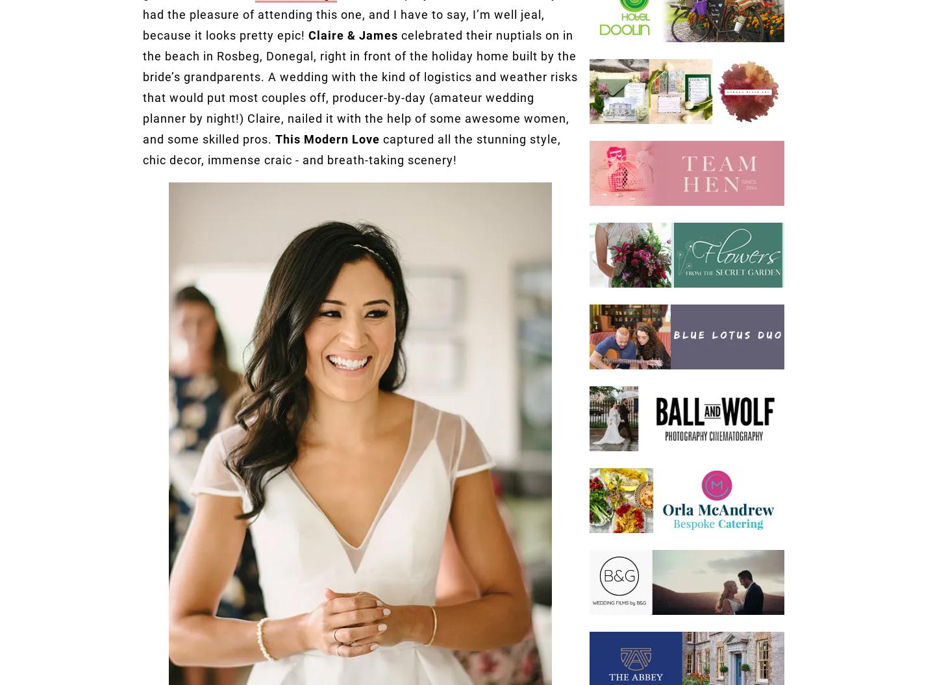 The width and height of the screenshot is (935, 685). Describe the element at coordinates (306, 118) in the screenshot. I see `'Ardú'` at that location.